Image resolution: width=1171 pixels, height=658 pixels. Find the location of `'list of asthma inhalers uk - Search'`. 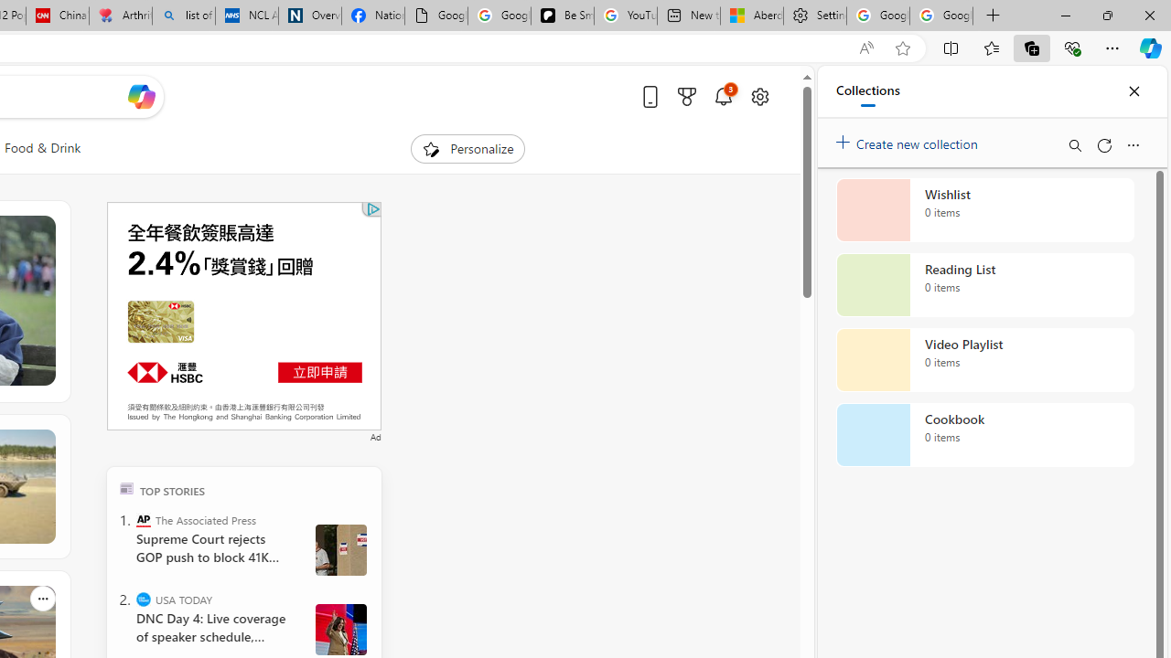

'list of asthma inhalers uk - Search' is located at coordinates (183, 16).